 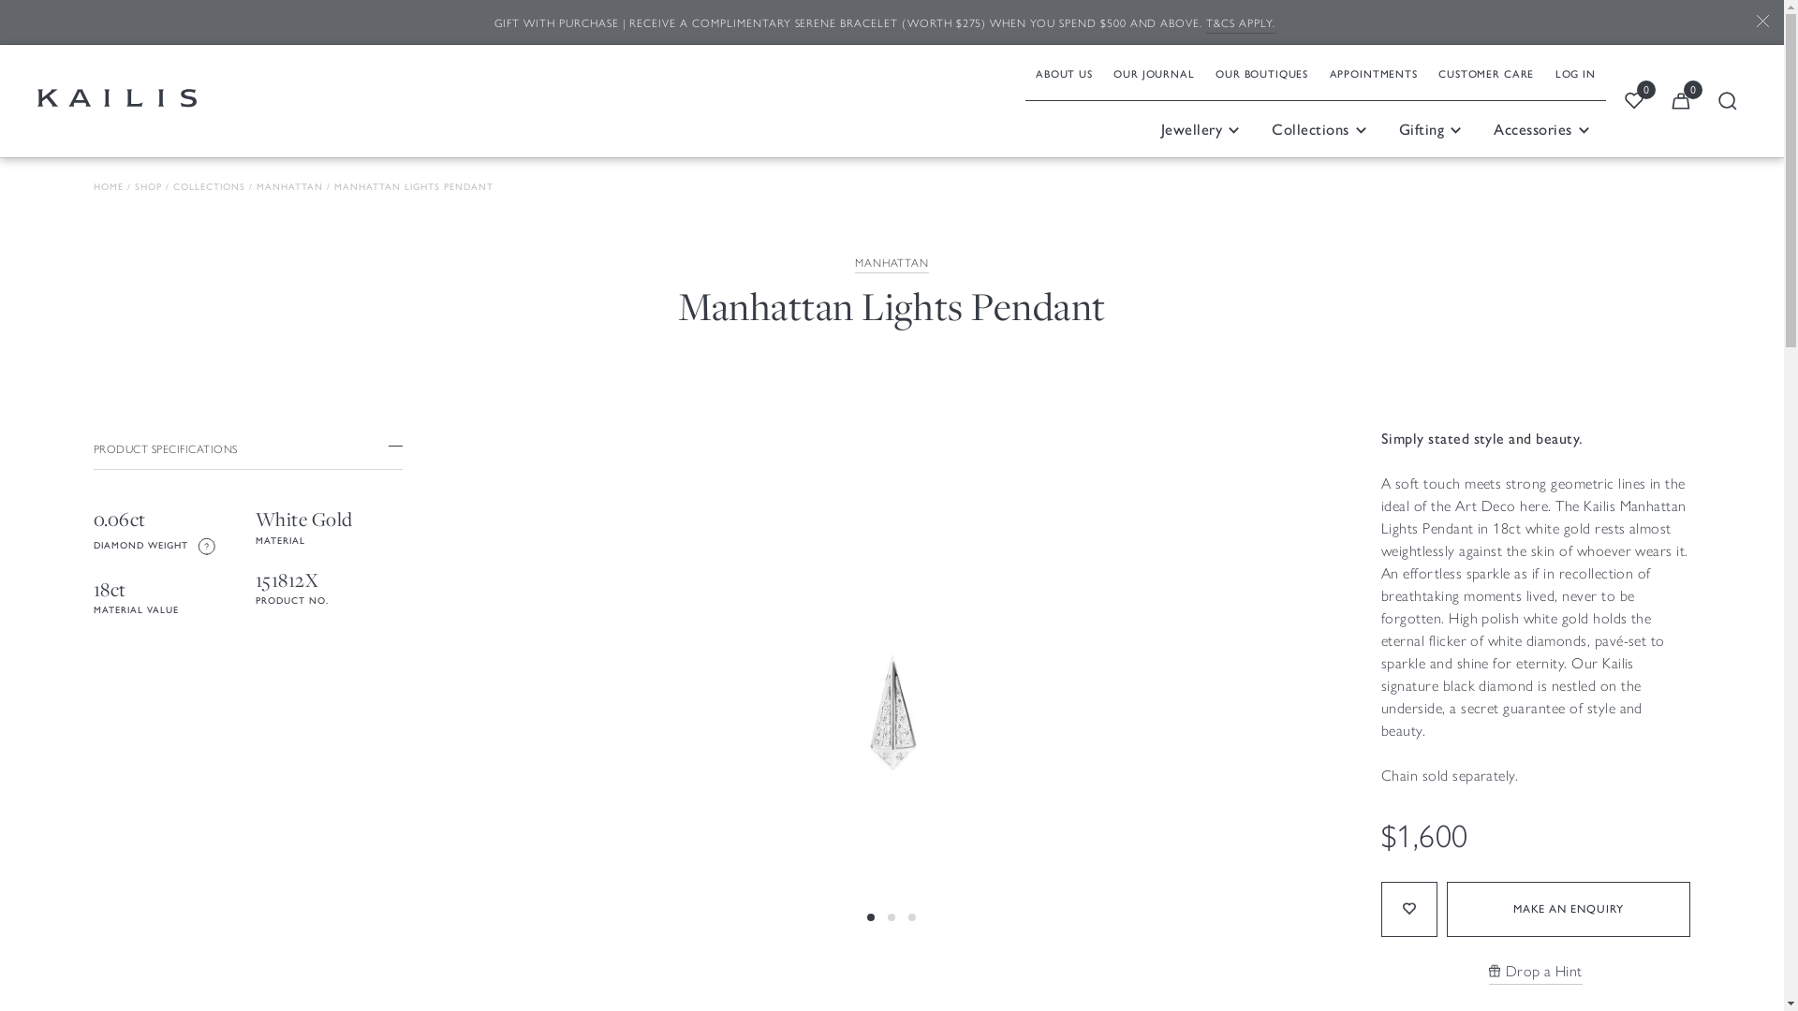 What do you see at coordinates (1427, 71) in the screenshot?
I see `'CUSTOMER CARE'` at bounding box center [1427, 71].